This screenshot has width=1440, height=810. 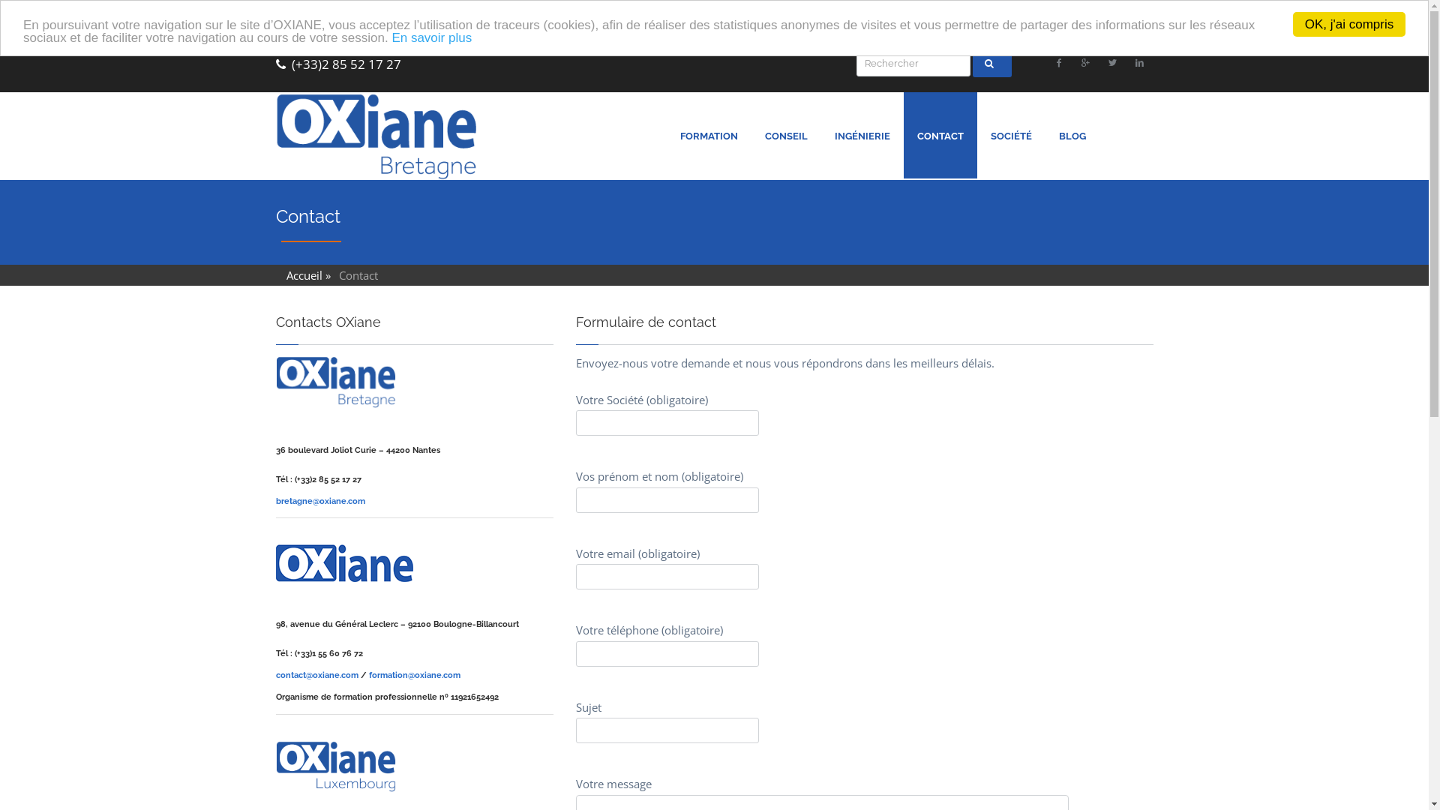 What do you see at coordinates (938, 154) in the screenshot?
I see `'CONTACT'` at bounding box center [938, 154].